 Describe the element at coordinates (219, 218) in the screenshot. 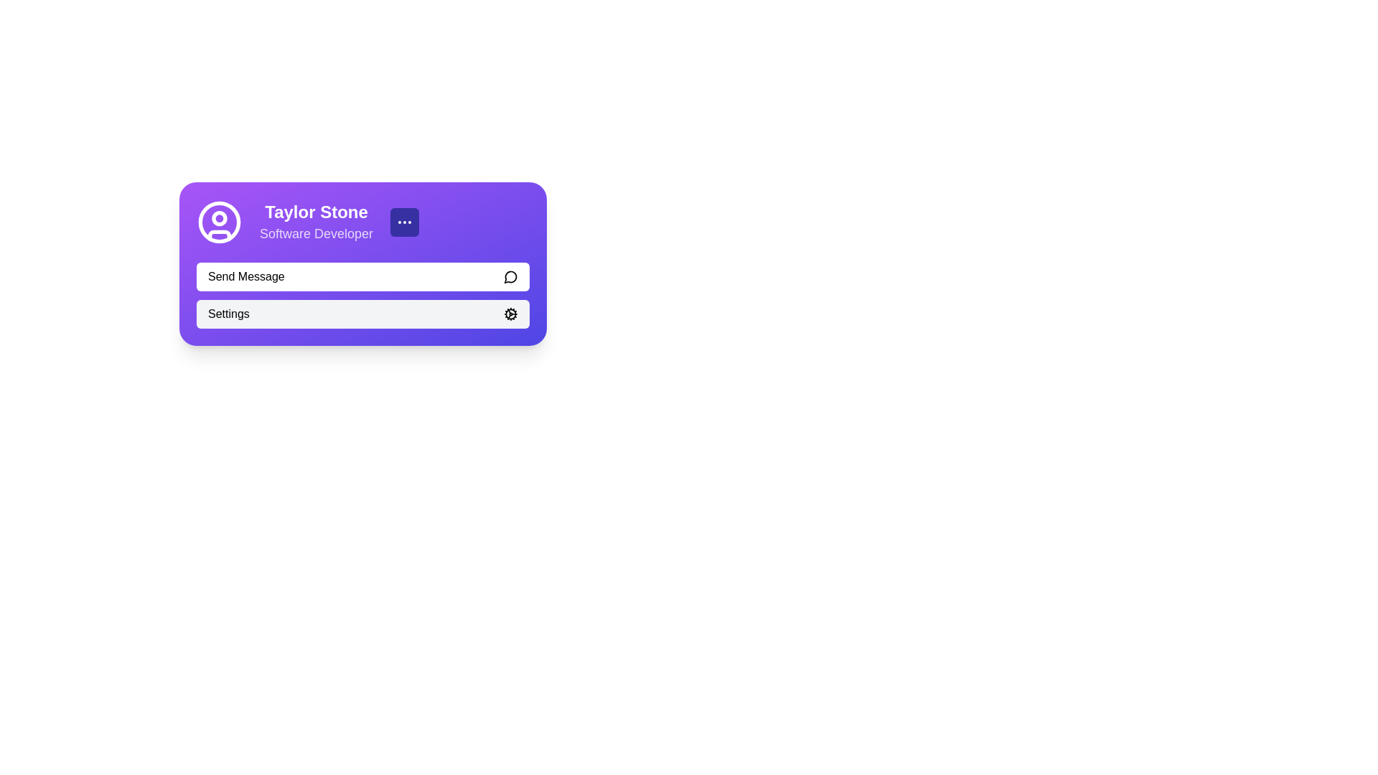

I see `or highlight the decorative SVG Circle located at the top center of the user profile icon for visual purposes` at that location.